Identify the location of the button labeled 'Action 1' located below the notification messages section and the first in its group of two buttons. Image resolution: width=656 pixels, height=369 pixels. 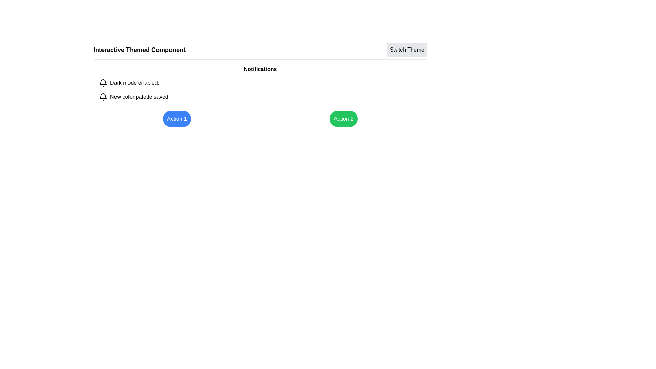
(177, 118).